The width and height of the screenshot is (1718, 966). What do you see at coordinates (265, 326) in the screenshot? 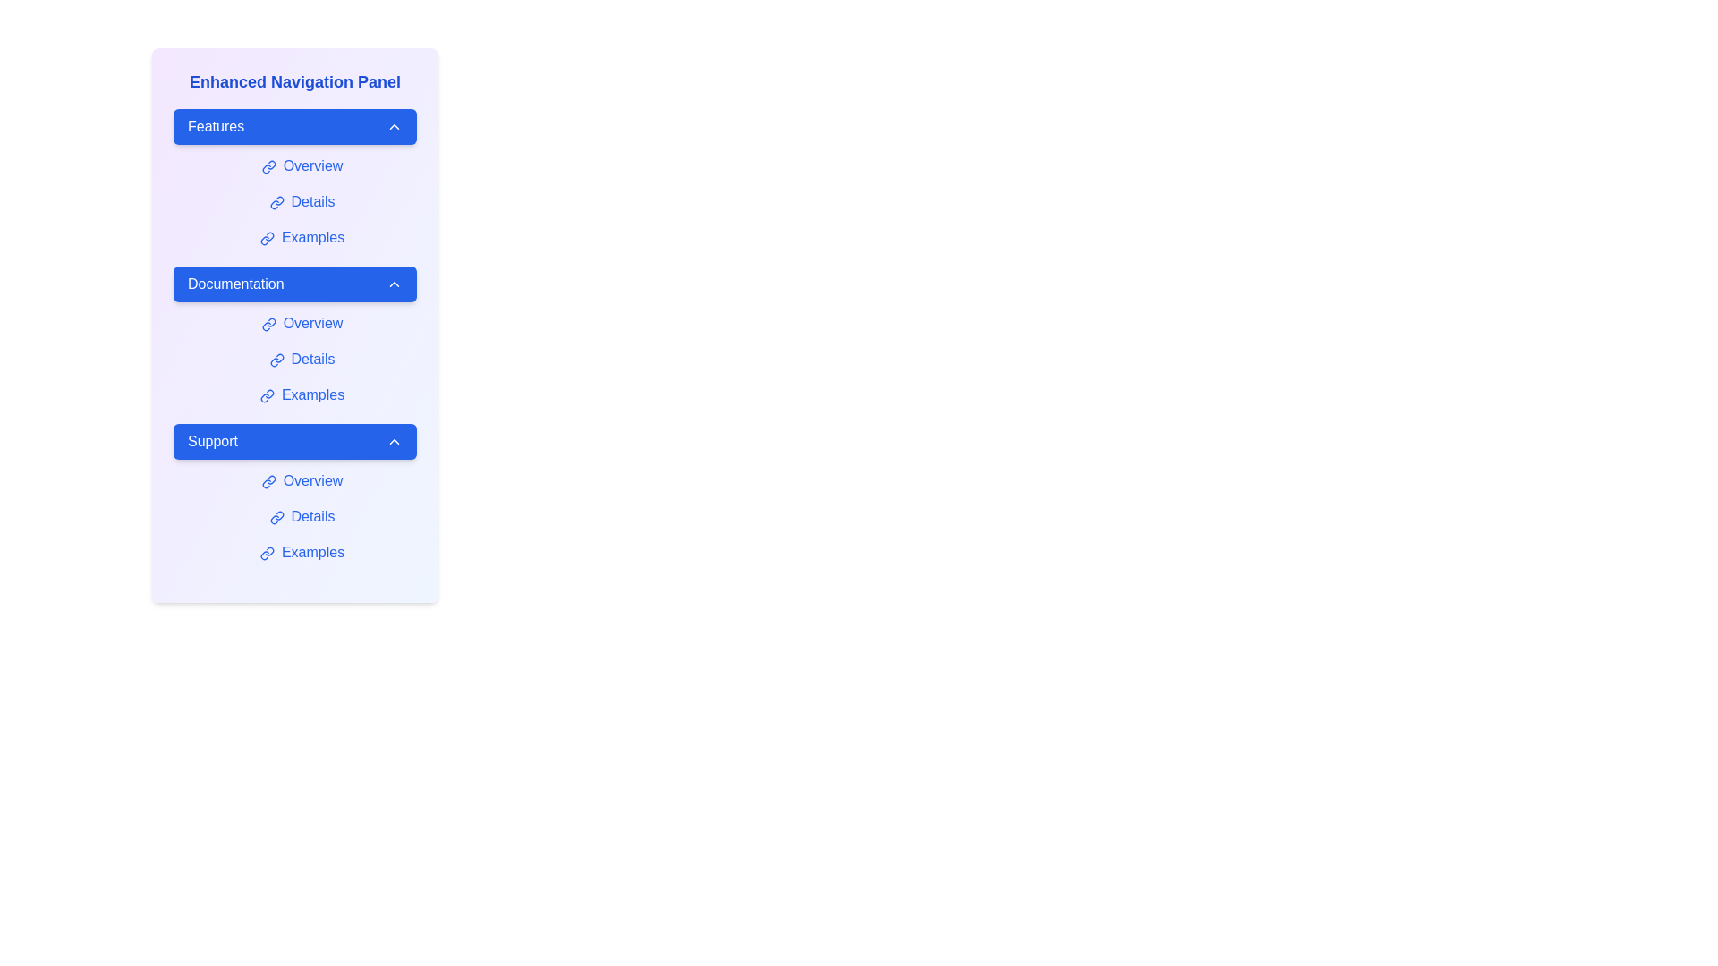
I see `the second link icon in the 'Documentation' section of the navigation panel, located next to the 'Overview' hyperlink text` at bounding box center [265, 326].